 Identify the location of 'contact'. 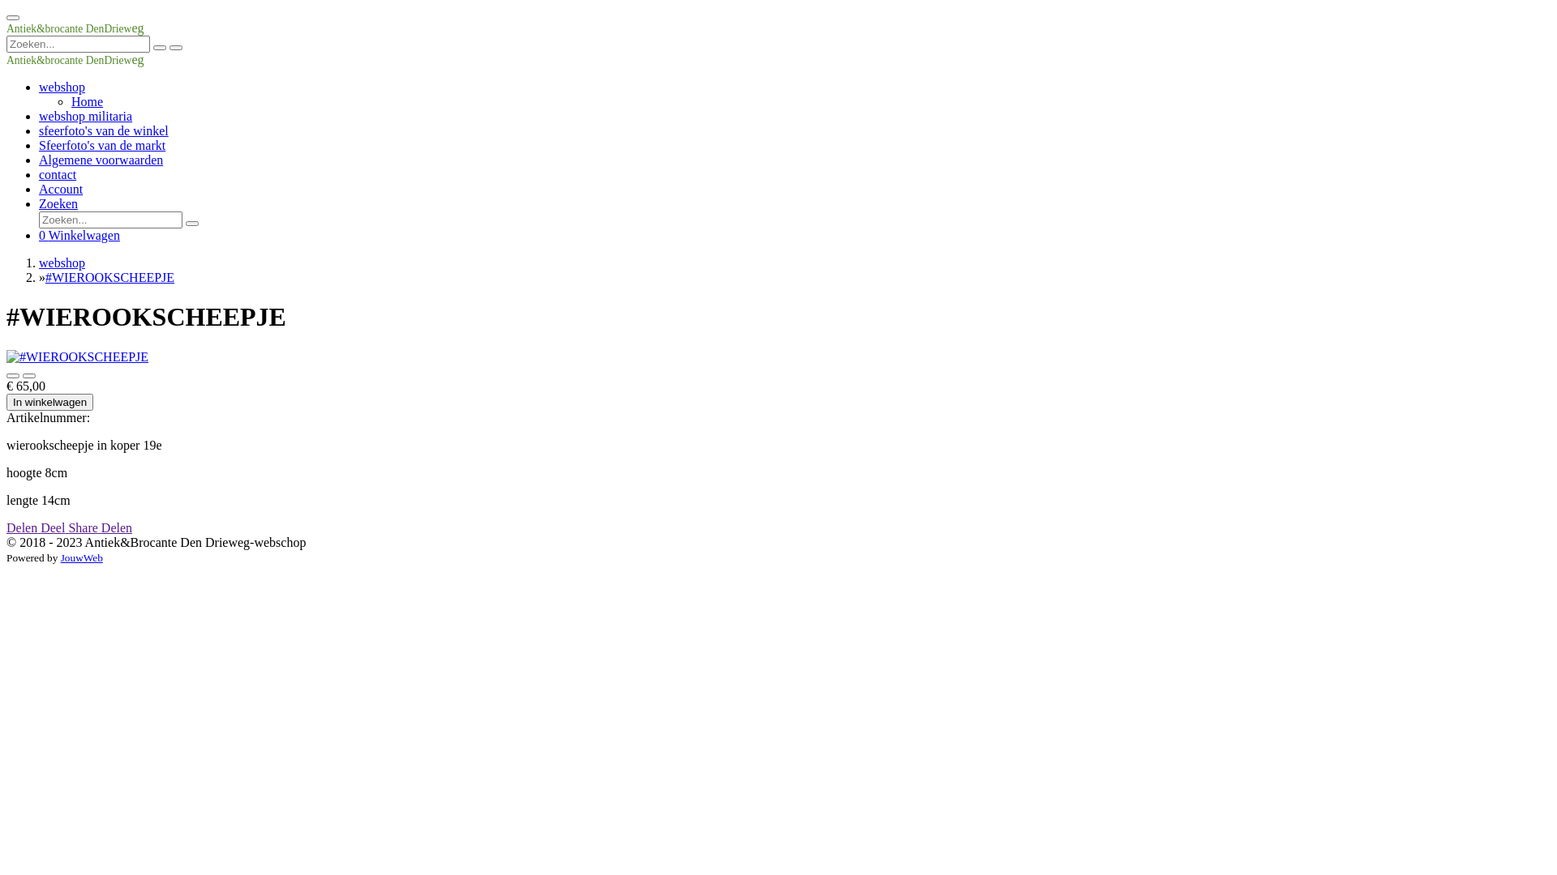
(58, 174).